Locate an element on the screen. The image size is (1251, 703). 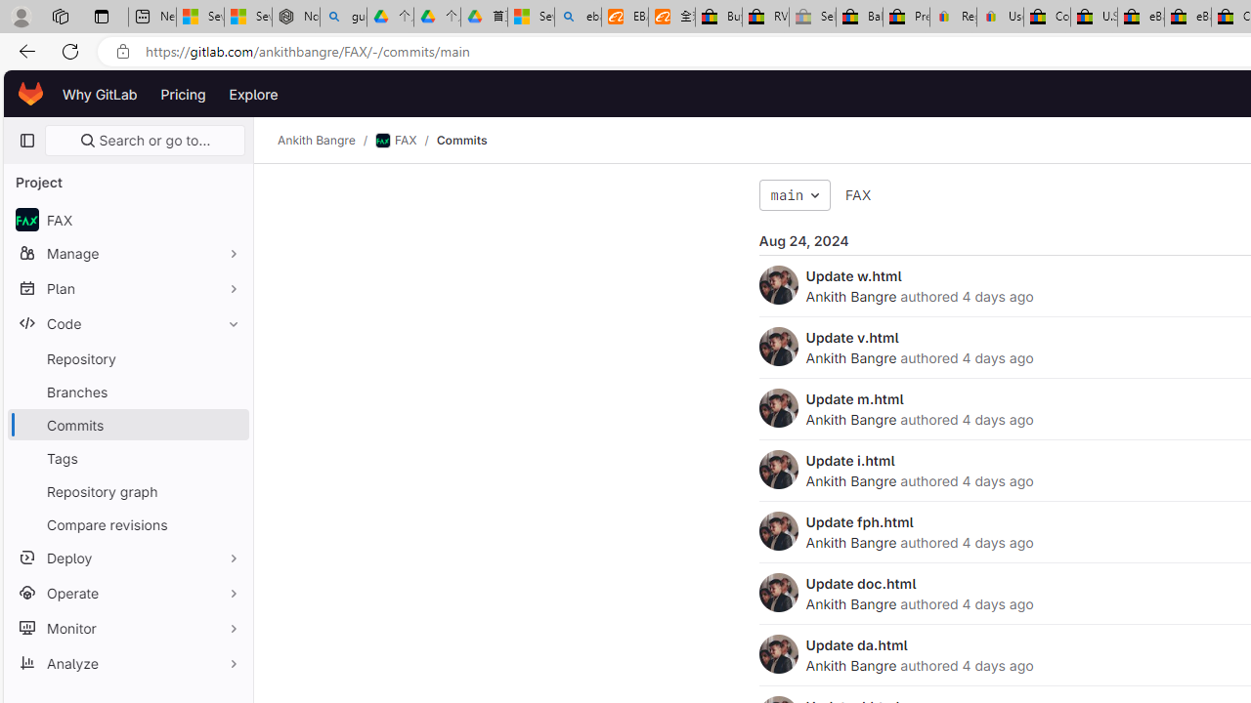
'Consumer Health Data Privacy Policy - eBay Inc.' is located at coordinates (1046, 17).